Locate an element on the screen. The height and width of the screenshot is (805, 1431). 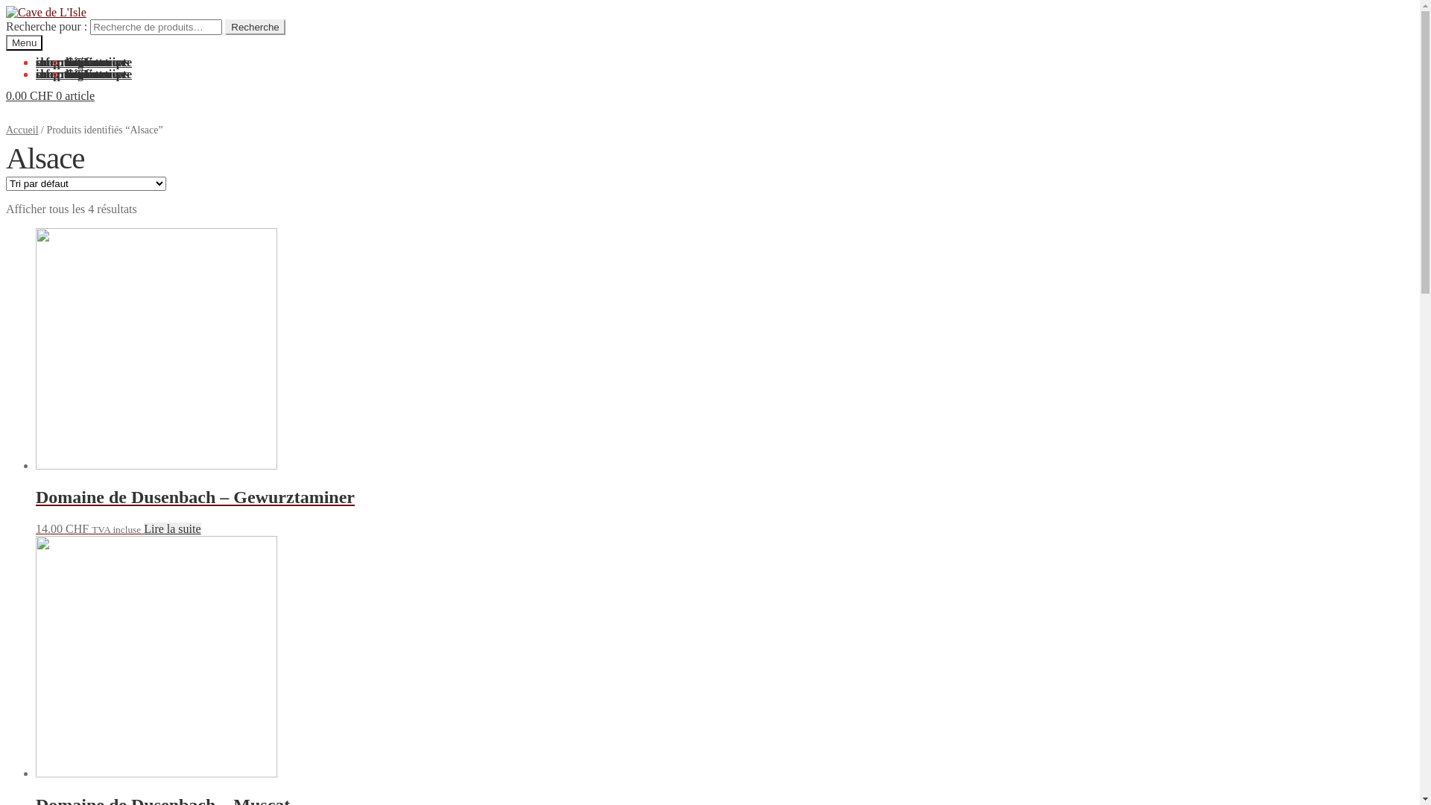
'compte' is located at coordinates (54, 74).